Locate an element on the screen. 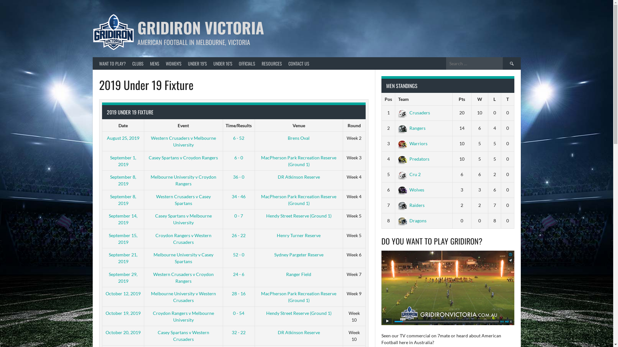 This screenshot has height=347, width=618. 'Cru 2' is located at coordinates (409, 174).